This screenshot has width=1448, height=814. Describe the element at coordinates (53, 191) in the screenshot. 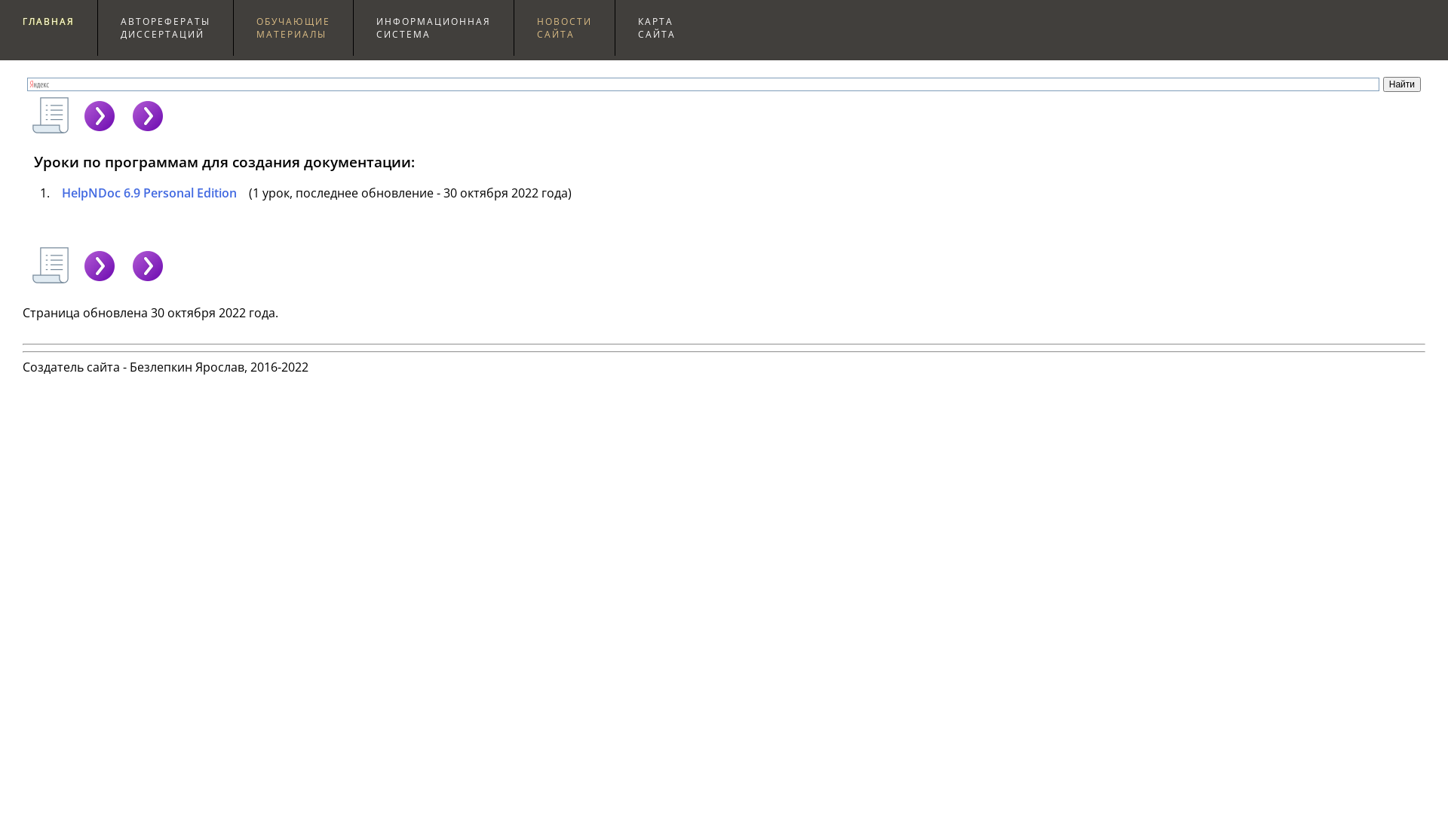

I see `'   HelpNDoc 6.9 Personal Edition'` at that location.